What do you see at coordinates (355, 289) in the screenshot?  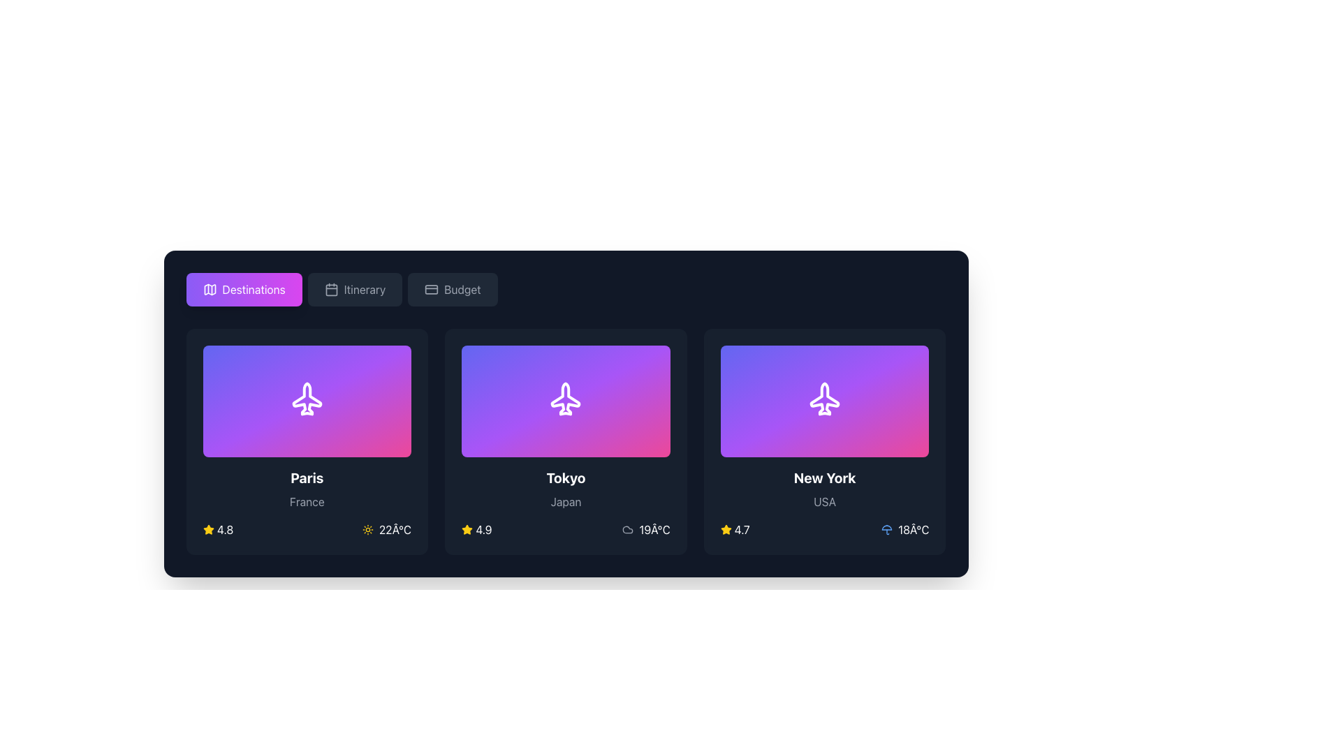 I see `the button located in the middle of a group of three buttons, which navigates to the 'Itinerary' section of the application` at bounding box center [355, 289].